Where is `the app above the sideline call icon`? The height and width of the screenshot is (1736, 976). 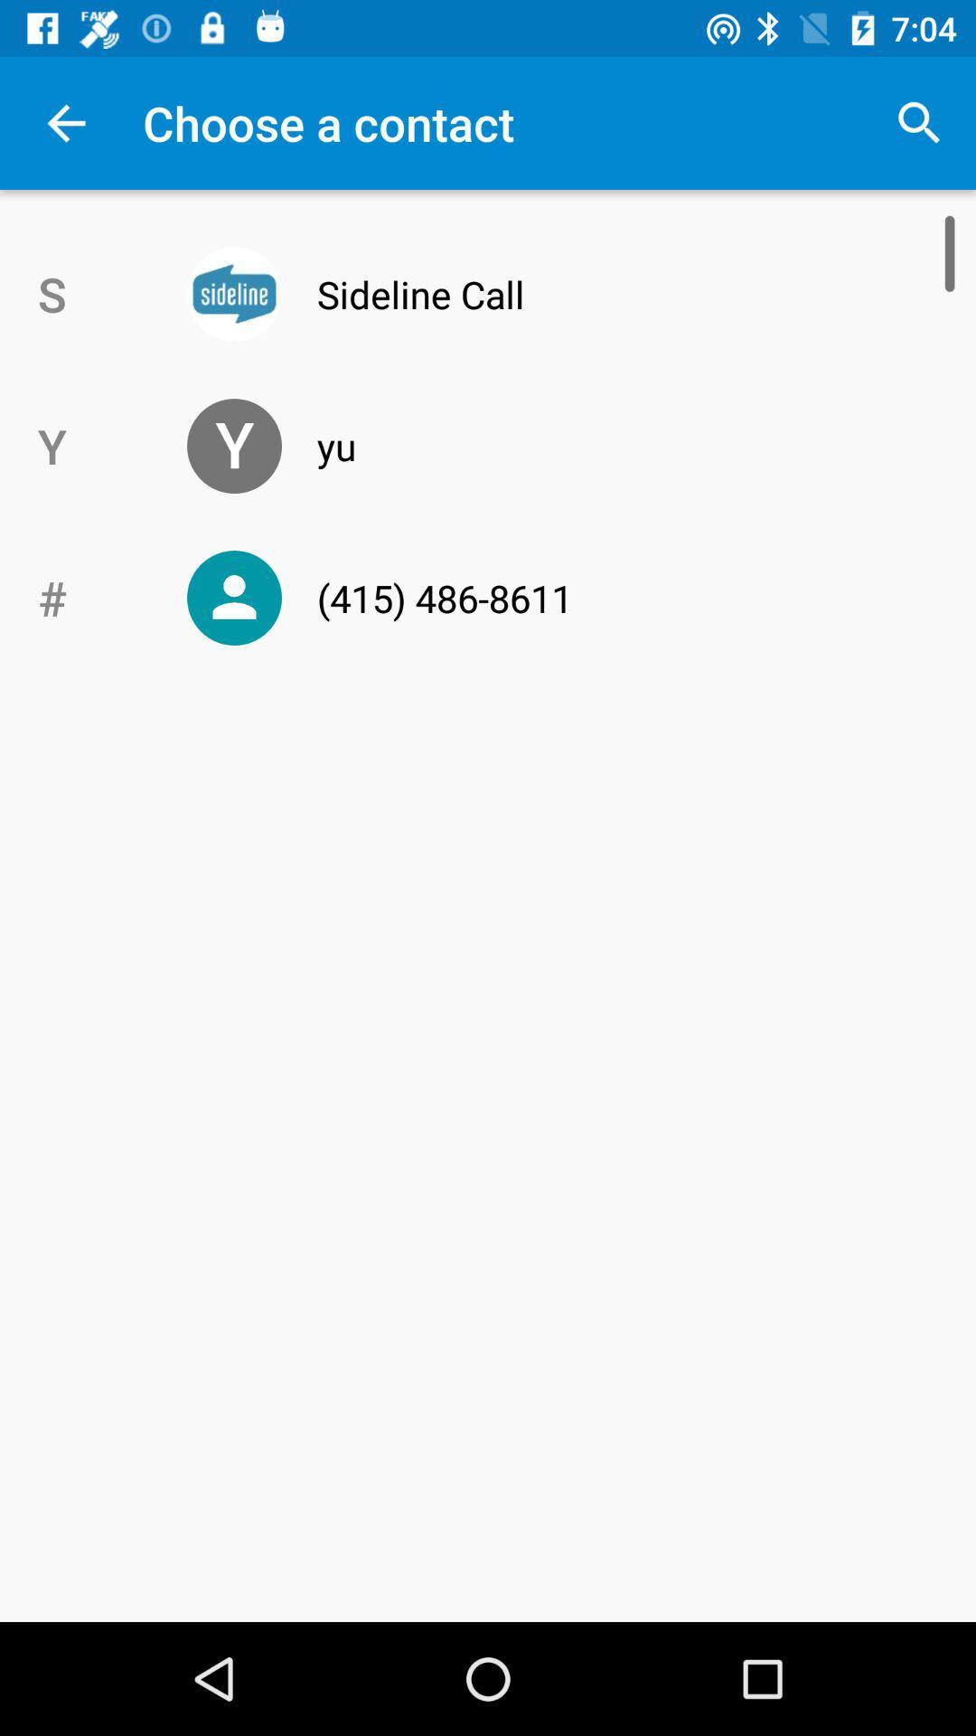 the app above the sideline call icon is located at coordinates (919, 122).